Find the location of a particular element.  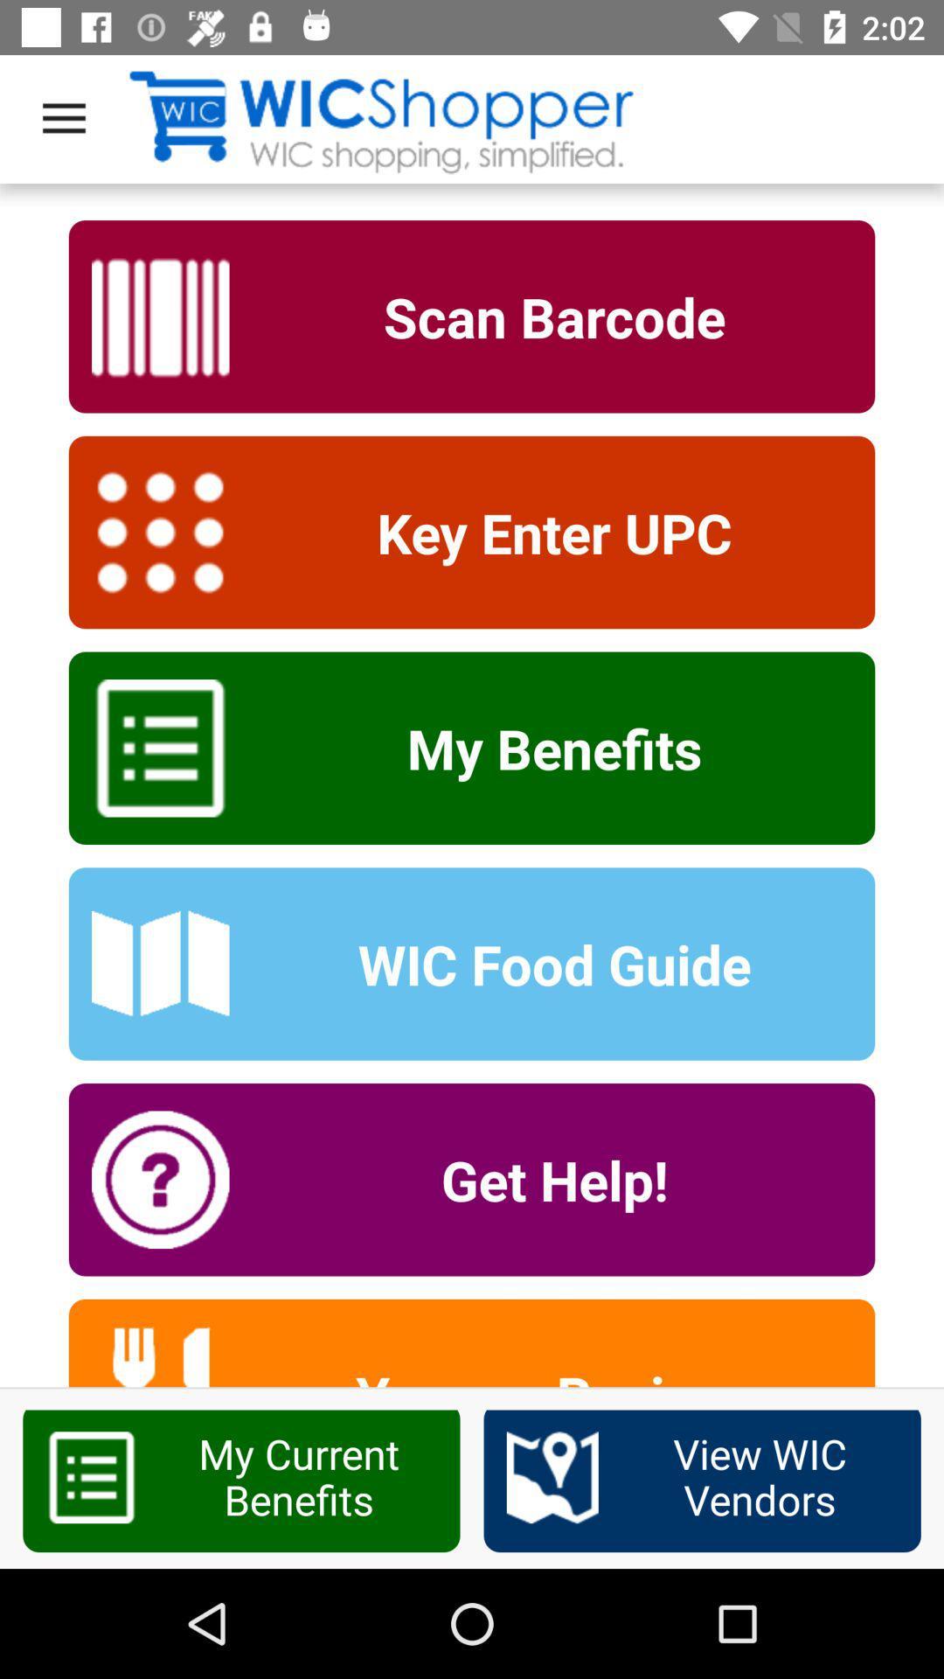

the wic food guide item is located at coordinates (542, 963).